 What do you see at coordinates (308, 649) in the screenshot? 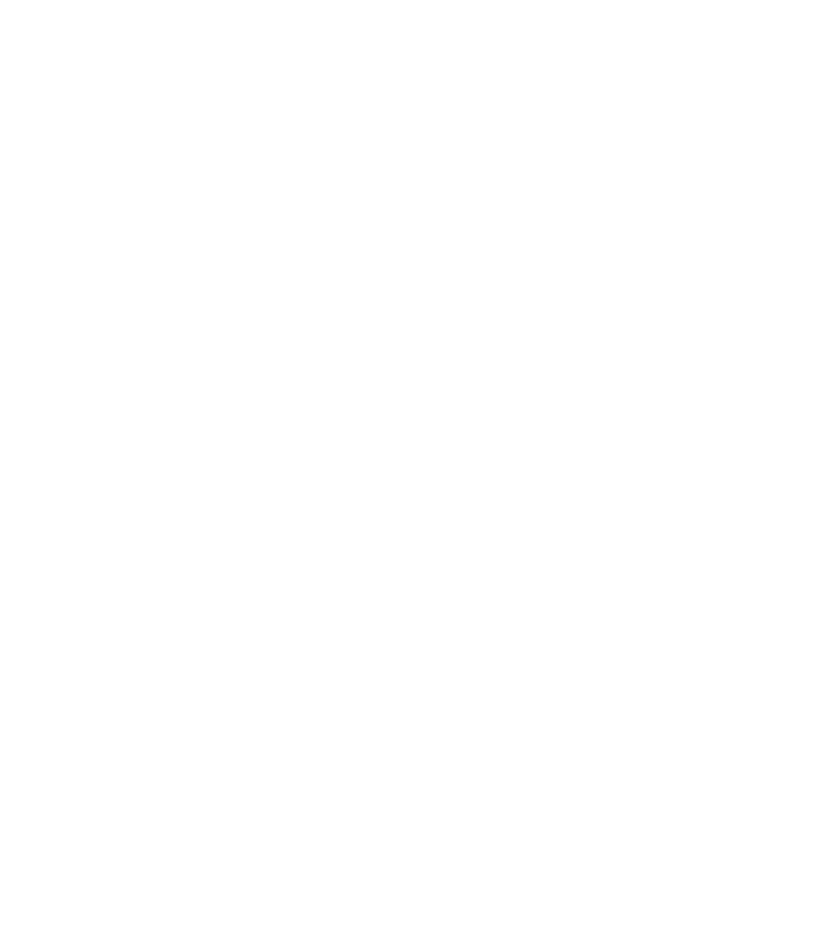
I see `'Lawo Launches Crystal Broadcast Console'` at bounding box center [308, 649].